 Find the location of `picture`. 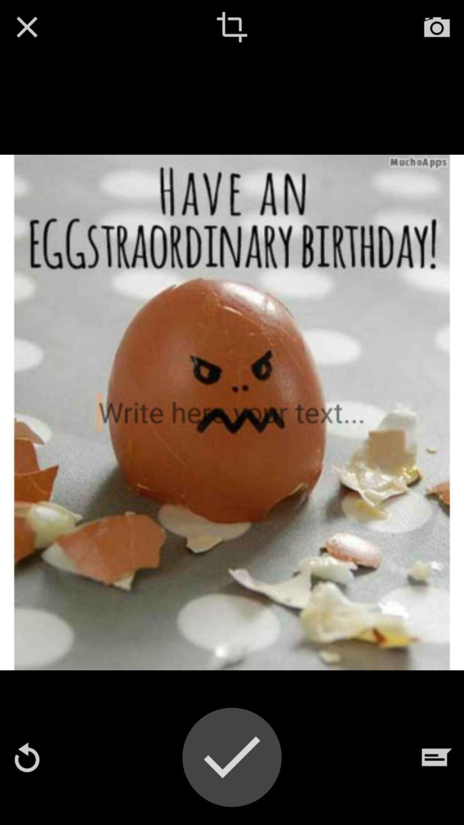

picture is located at coordinates (232, 757).